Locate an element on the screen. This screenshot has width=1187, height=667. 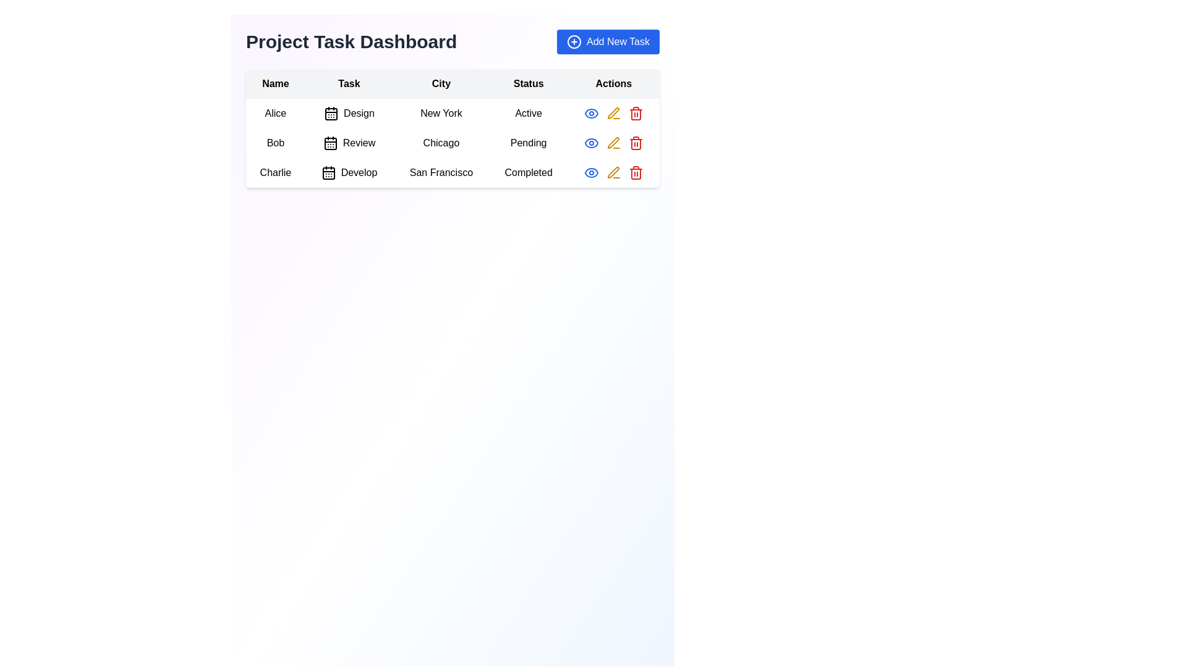
the text label representing the city 'New York' in the row for 'Alice' under the 'City' column is located at coordinates (452, 114).